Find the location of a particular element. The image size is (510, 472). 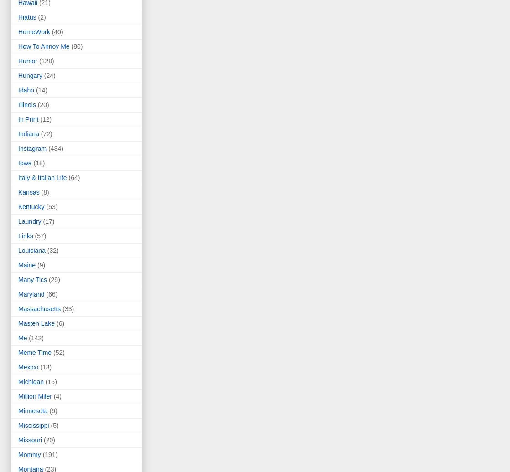

'(40)' is located at coordinates (57, 32).